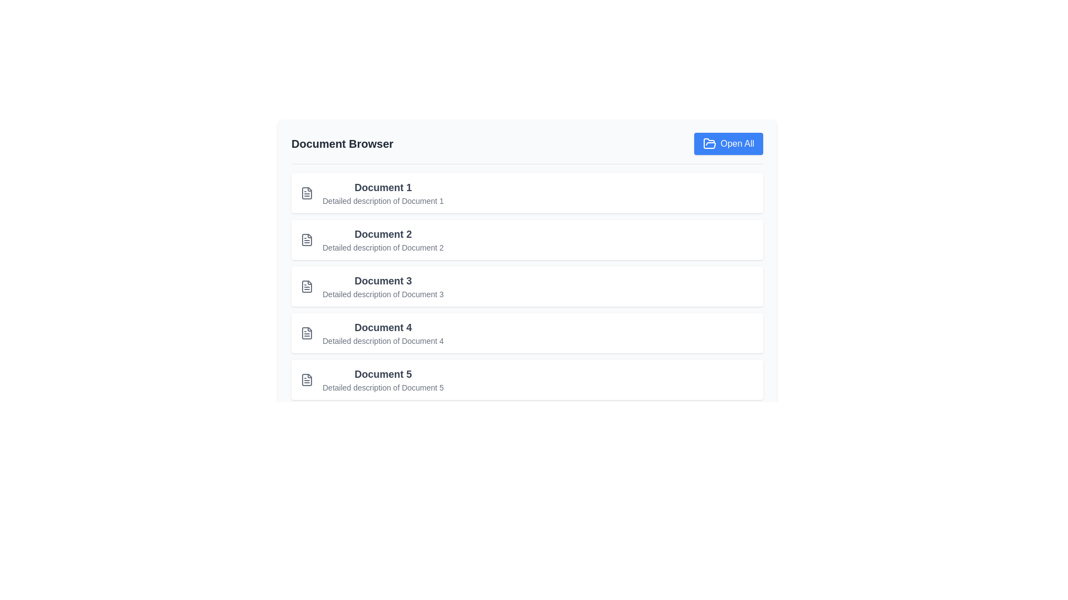 This screenshot has width=1068, height=600. I want to click on the textual display element titled 'Document 2' with a detailed description below it, which is positioned below 'Document 1' in a list of documents, so click(383, 239).